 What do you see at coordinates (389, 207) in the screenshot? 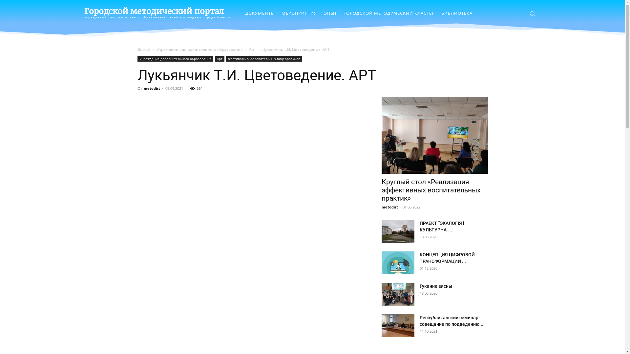
I see `'metodist'` at bounding box center [389, 207].